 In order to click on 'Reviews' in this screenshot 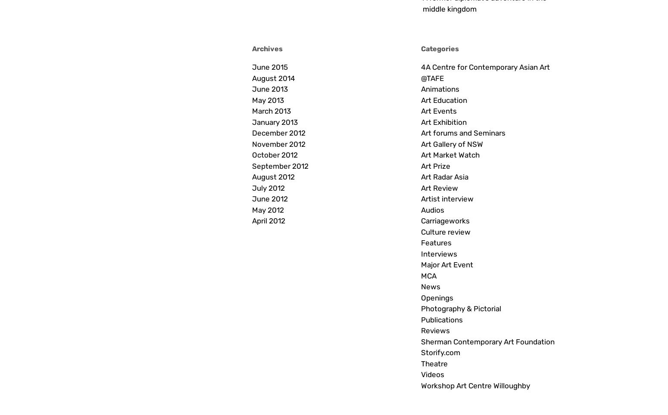, I will do `click(435, 331)`.